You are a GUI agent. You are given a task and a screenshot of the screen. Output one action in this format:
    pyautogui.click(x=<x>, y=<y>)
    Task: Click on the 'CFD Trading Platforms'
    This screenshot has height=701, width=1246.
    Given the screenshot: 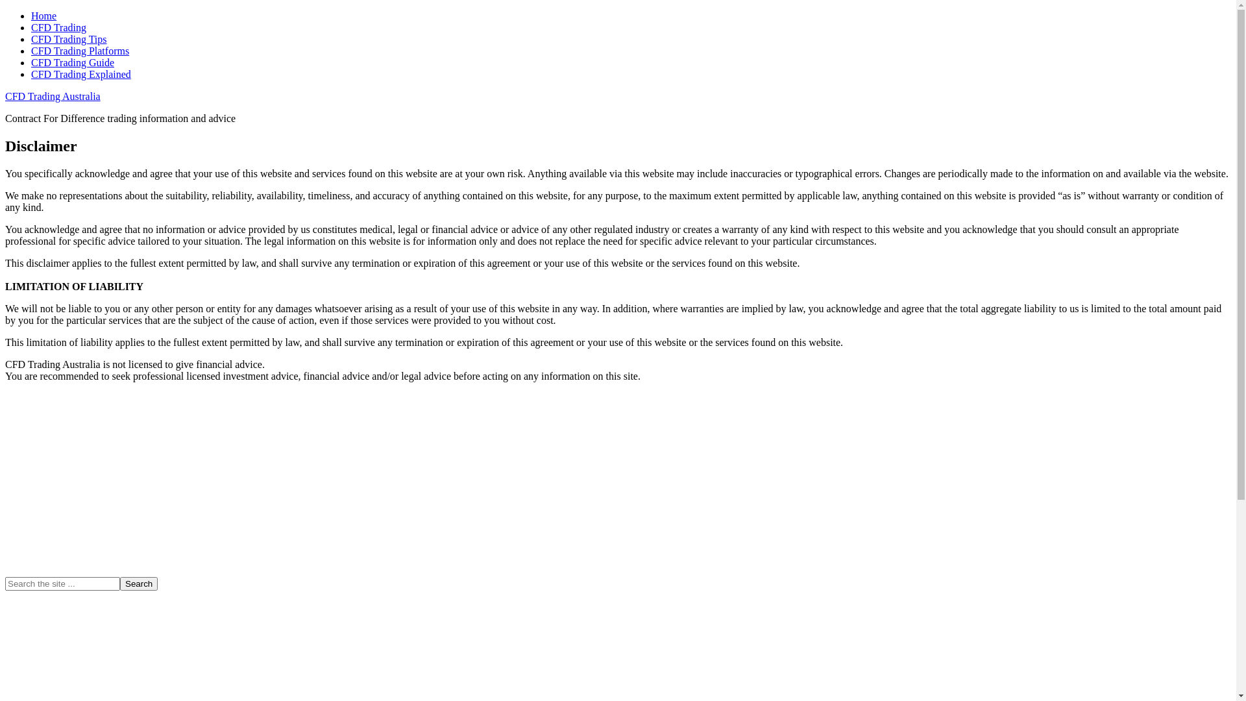 What is the action you would take?
    pyautogui.click(x=79, y=50)
    